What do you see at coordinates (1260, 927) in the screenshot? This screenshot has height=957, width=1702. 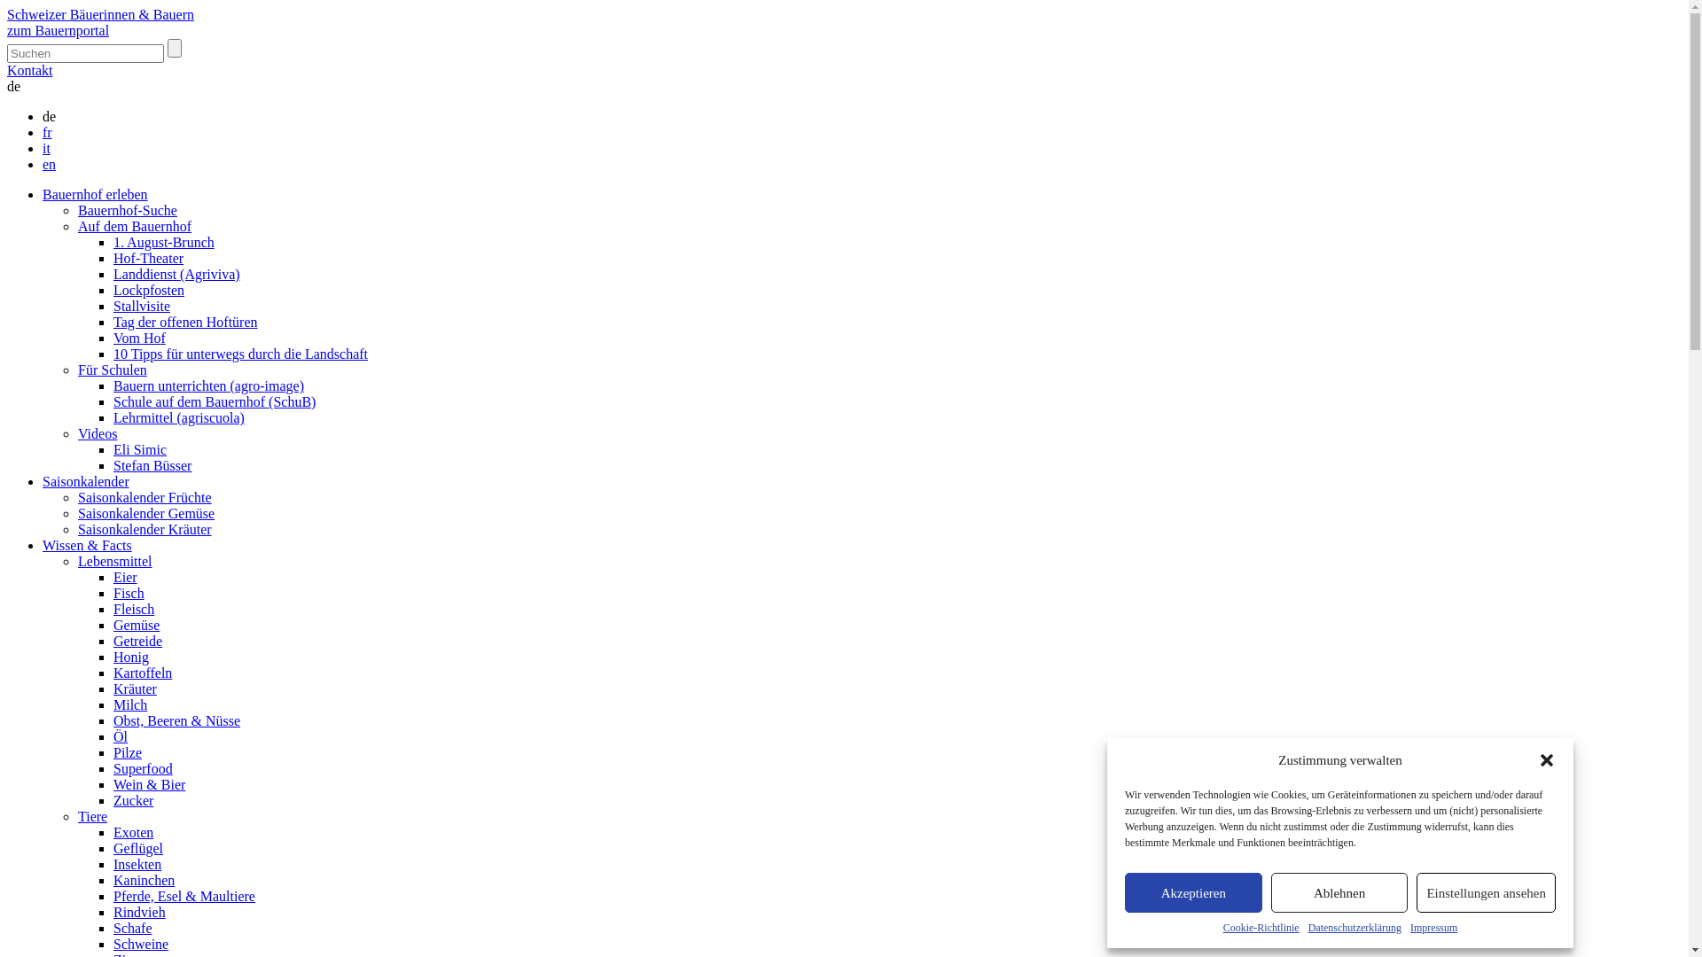 I see `'Cookie-Richtlinie'` at bounding box center [1260, 927].